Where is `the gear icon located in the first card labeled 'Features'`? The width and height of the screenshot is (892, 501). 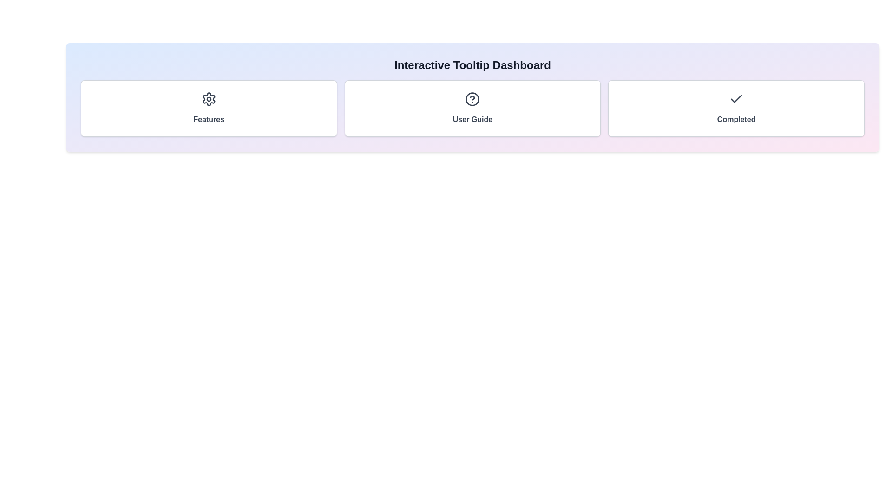
the gear icon located in the first card labeled 'Features' is located at coordinates (208, 99).